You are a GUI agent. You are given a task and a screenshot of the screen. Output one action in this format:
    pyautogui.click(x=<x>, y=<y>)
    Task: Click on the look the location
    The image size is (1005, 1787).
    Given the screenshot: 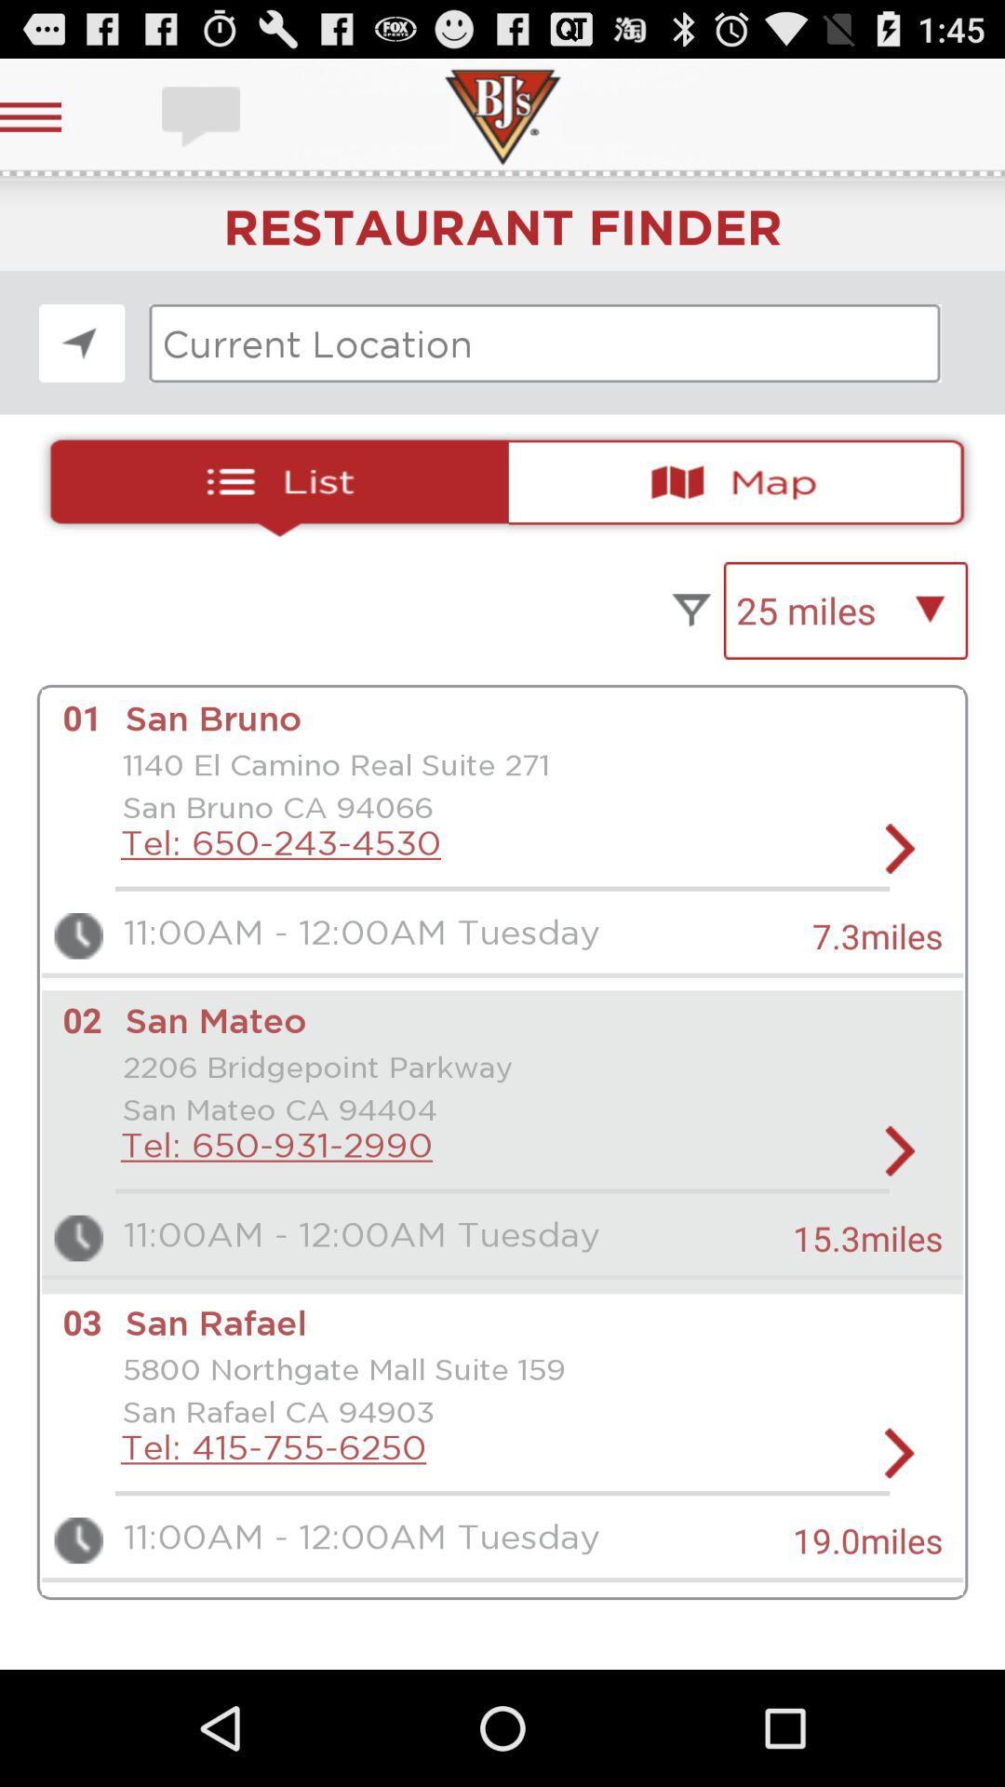 What is the action you would take?
    pyautogui.click(x=81, y=343)
    